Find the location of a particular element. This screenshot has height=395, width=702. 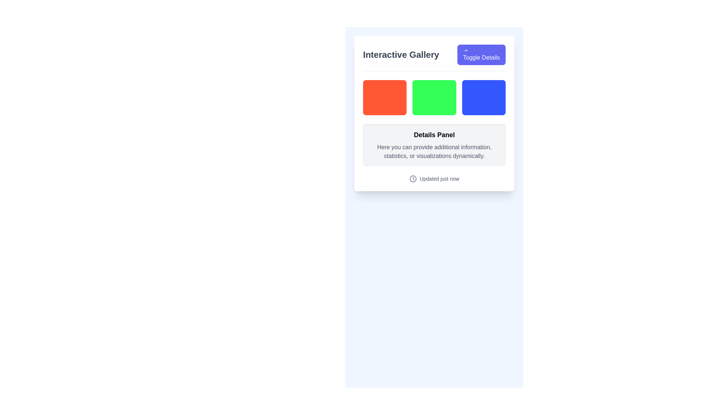

the title Text element that serves as a header for the section is located at coordinates (401, 54).